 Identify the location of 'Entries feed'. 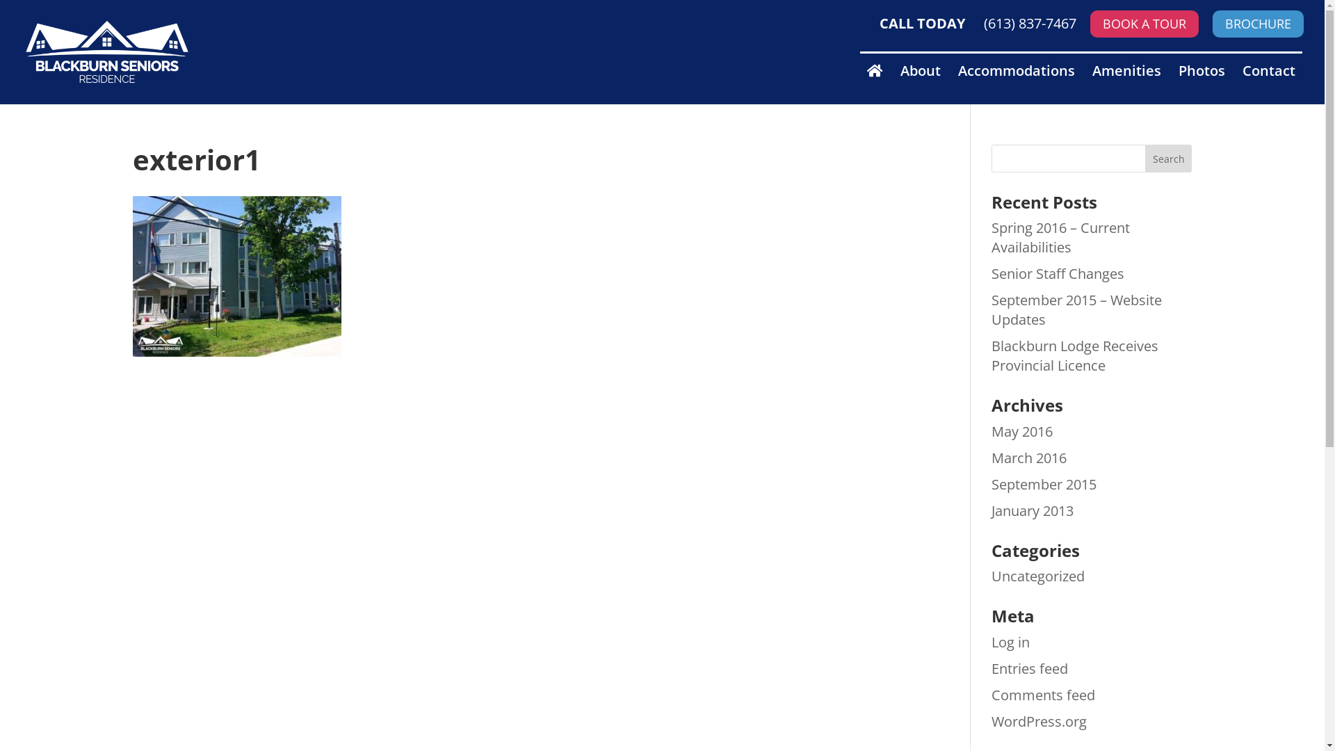
(1030, 668).